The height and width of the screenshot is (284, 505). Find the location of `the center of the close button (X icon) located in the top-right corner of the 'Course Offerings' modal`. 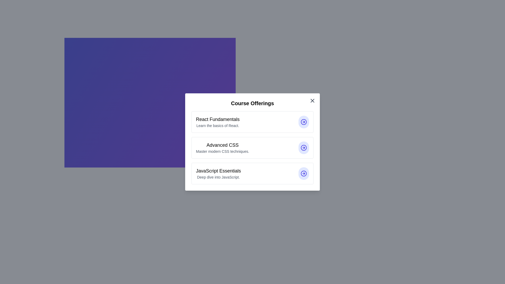

the center of the close button (X icon) located in the top-right corner of the 'Course Offerings' modal is located at coordinates (312, 100).